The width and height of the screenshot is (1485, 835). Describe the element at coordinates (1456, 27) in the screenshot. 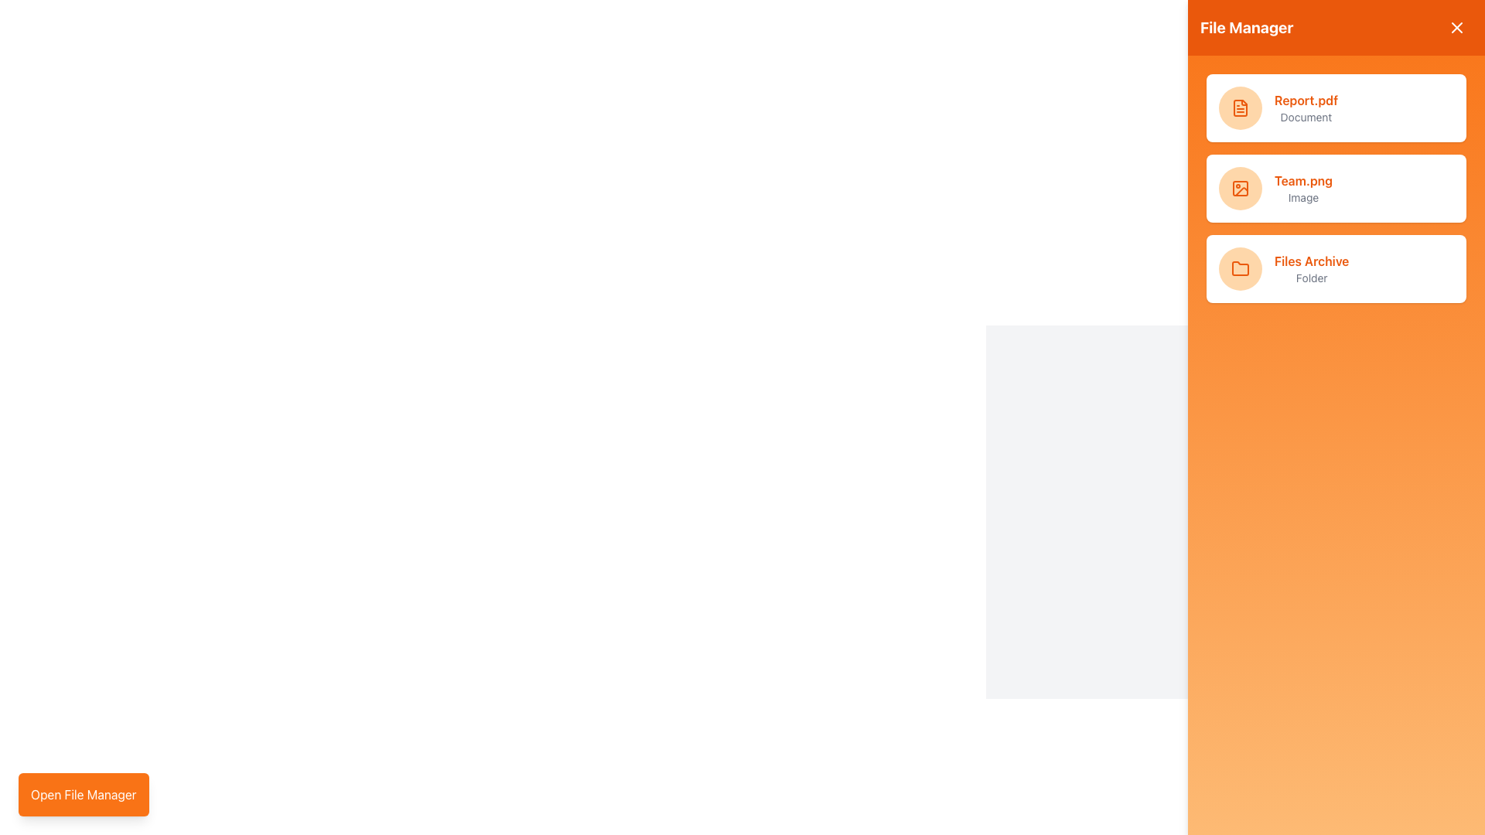

I see `the close button located in the top-right corner of the orange file manager panel, which has a white 'X' symbol against an orange background` at that location.